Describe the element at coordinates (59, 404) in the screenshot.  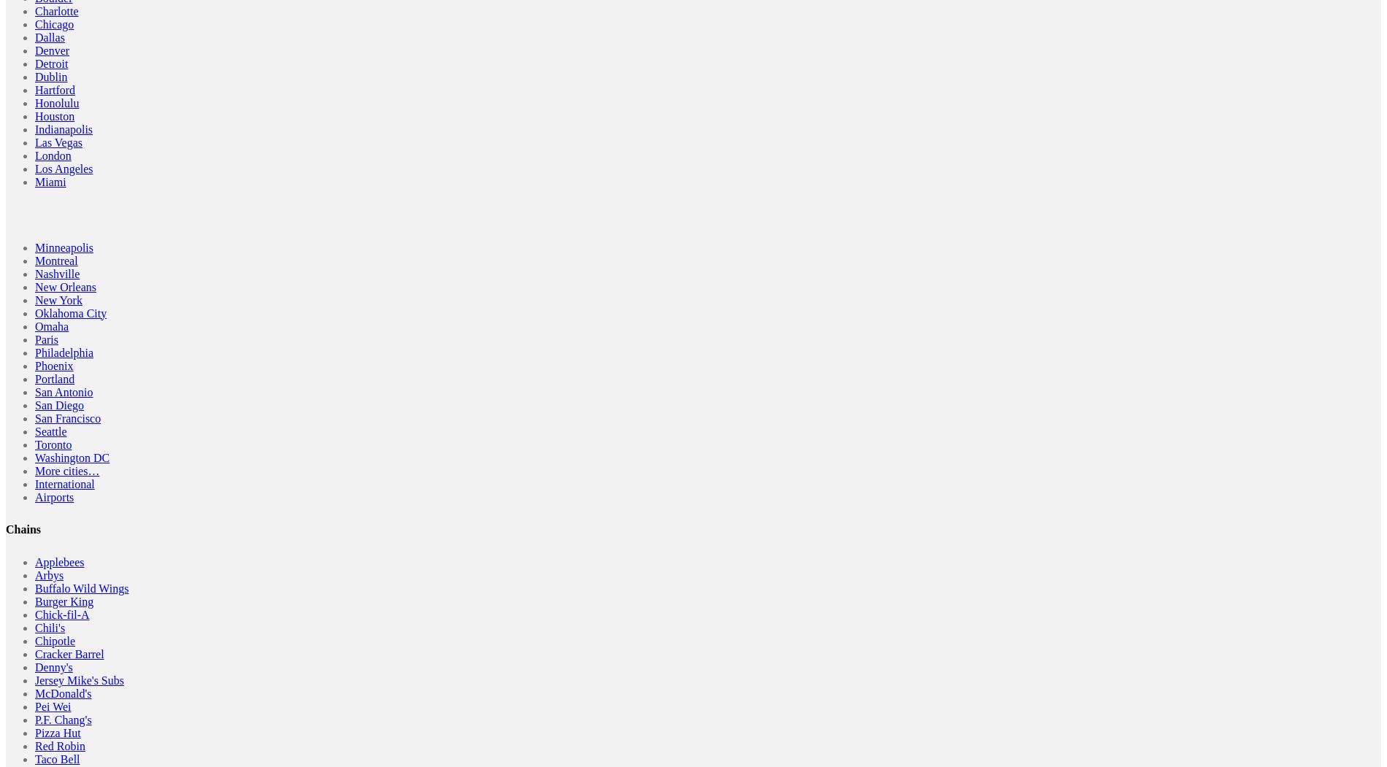
I see `'San Diego'` at that location.